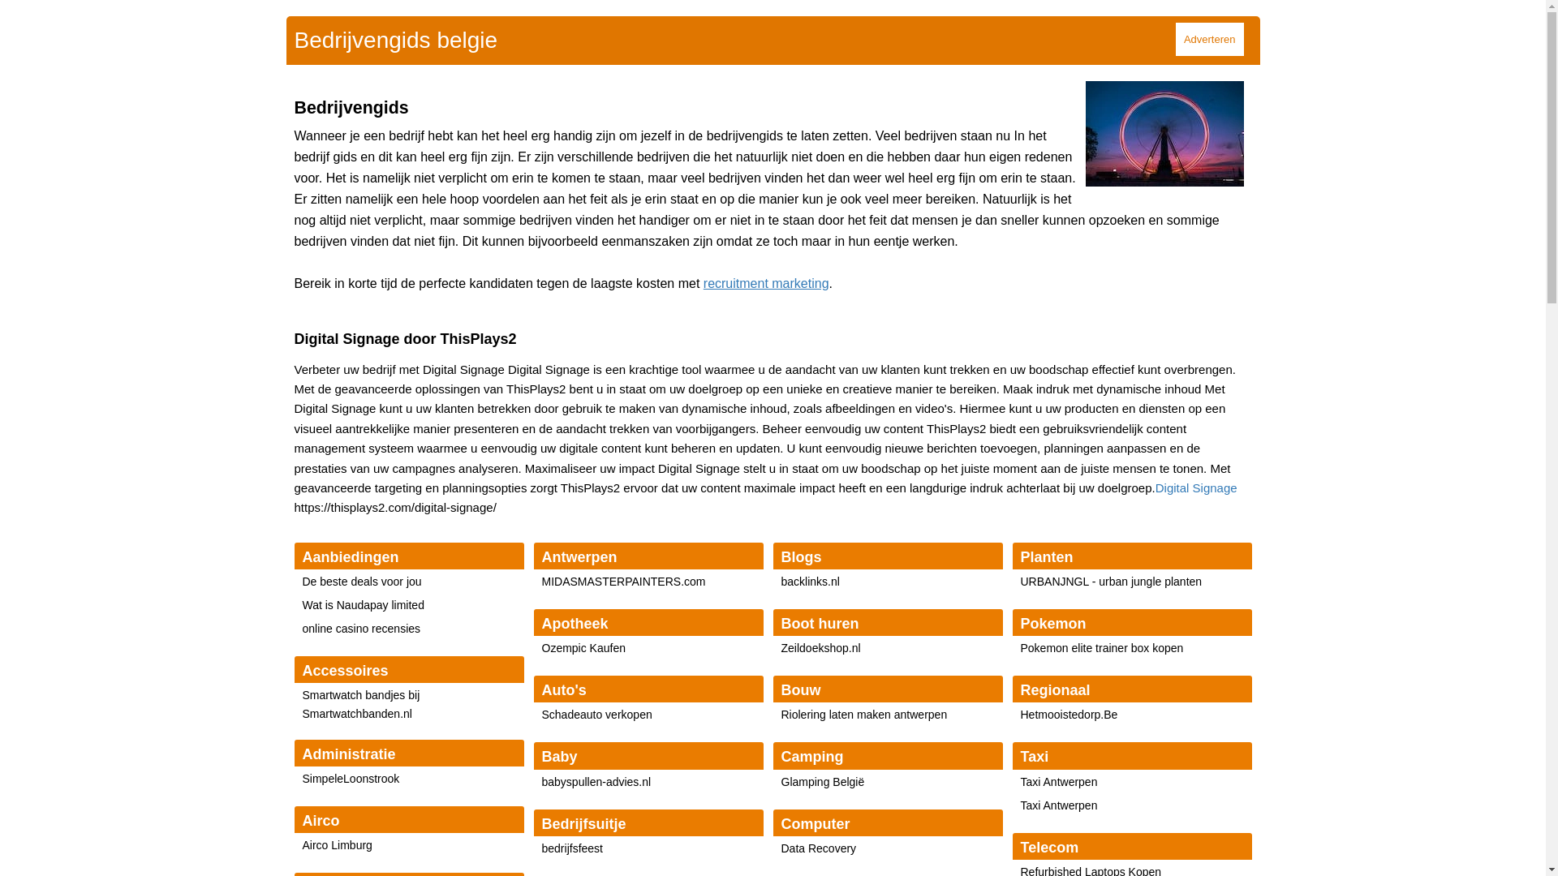 The image size is (1558, 876). I want to click on 'Wat is Naudapay limited', so click(361, 604).